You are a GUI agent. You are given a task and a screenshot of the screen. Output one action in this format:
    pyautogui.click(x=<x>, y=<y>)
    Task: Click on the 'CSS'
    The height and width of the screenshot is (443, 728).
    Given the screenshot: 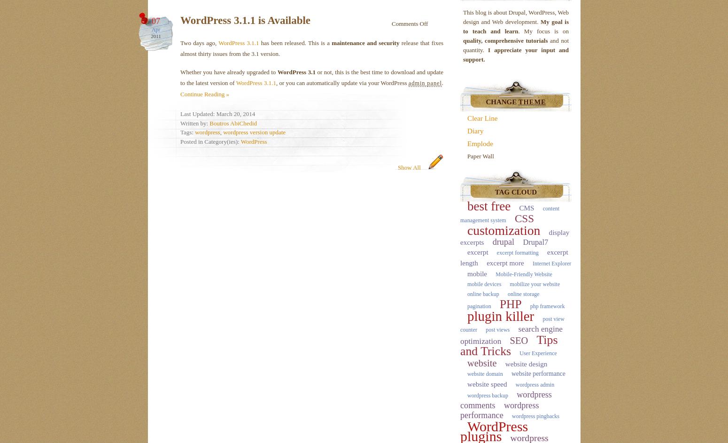 What is the action you would take?
    pyautogui.click(x=524, y=218)
    